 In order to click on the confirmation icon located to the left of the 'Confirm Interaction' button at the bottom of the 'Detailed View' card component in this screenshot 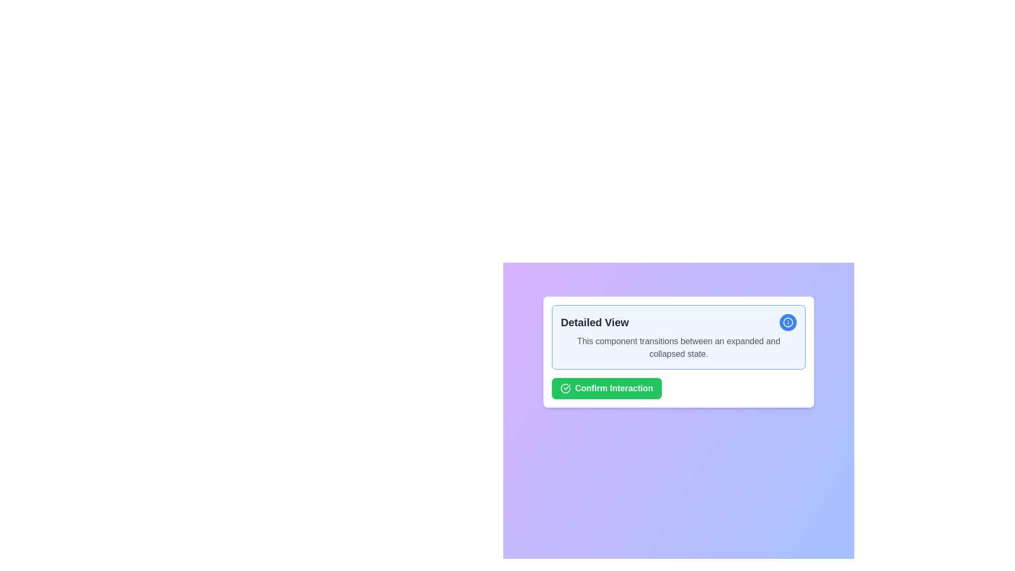, I will do `click(565, 389)`.